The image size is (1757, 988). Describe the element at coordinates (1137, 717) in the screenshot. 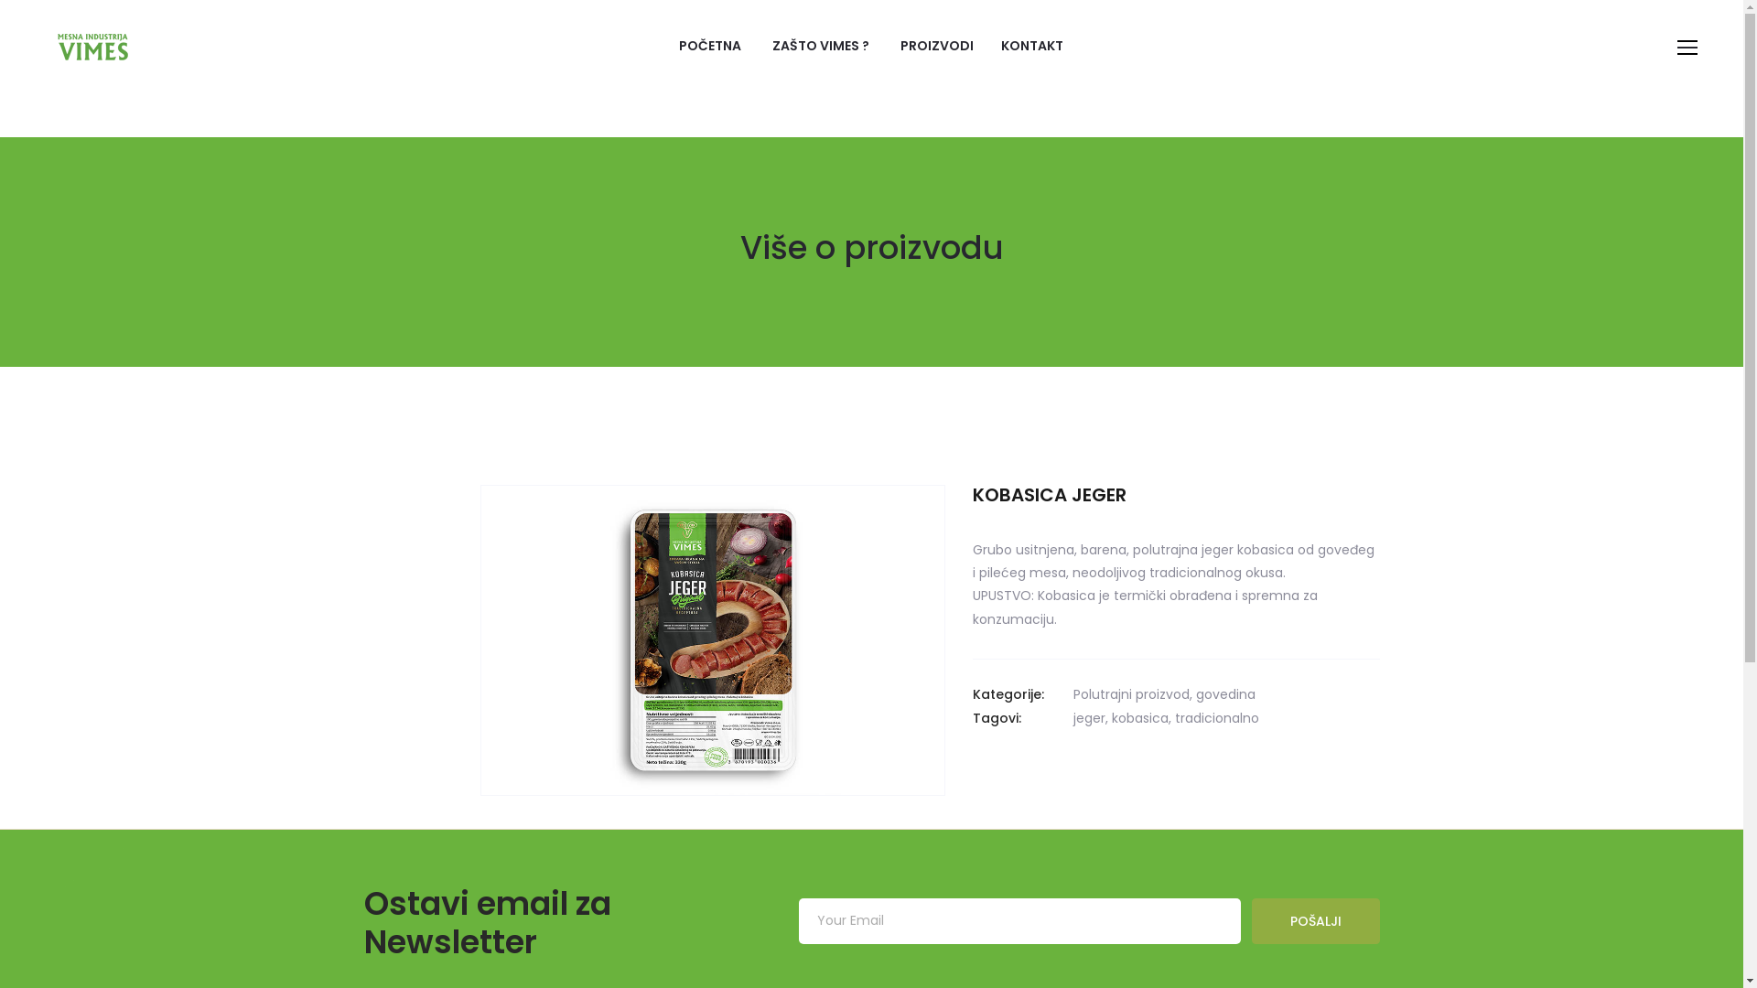

I see `'kobasica'` at that location.